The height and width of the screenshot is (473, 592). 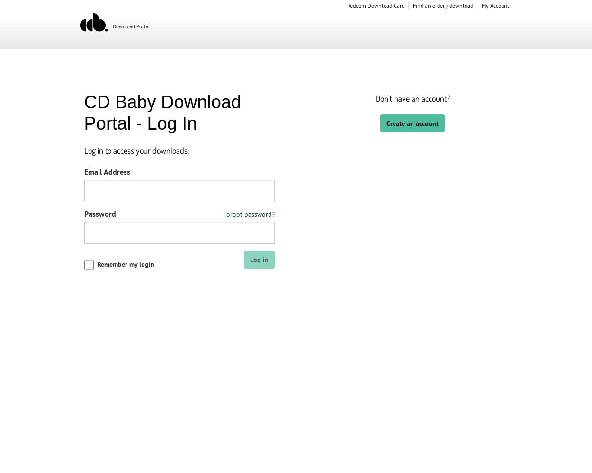 What do you see at coordinates (375, 5) in the screenshot?
I see `'Redeem Download Card'` at bounding box center [375, 5].